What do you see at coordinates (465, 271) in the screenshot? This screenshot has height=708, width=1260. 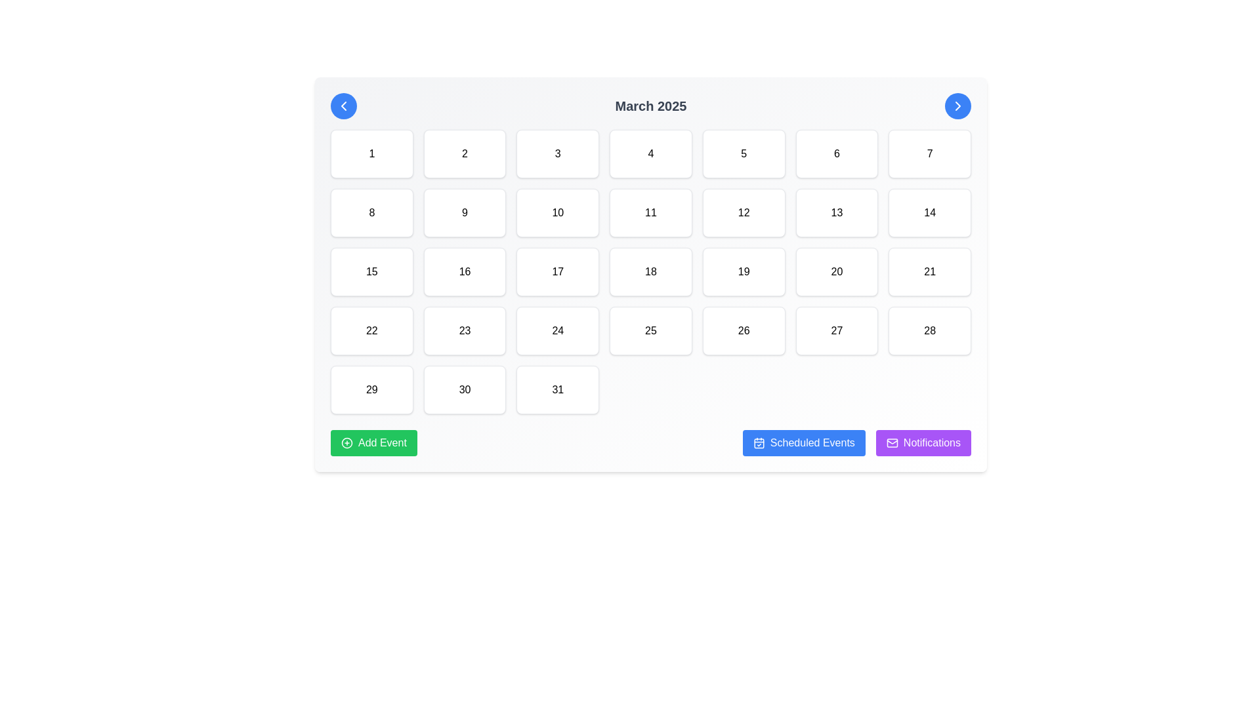 I see `the non-interactive grid cell displaying the numeric value '16' in the calendar grid, located in the sixth entry of the third row` at bounding box center [465, 271].